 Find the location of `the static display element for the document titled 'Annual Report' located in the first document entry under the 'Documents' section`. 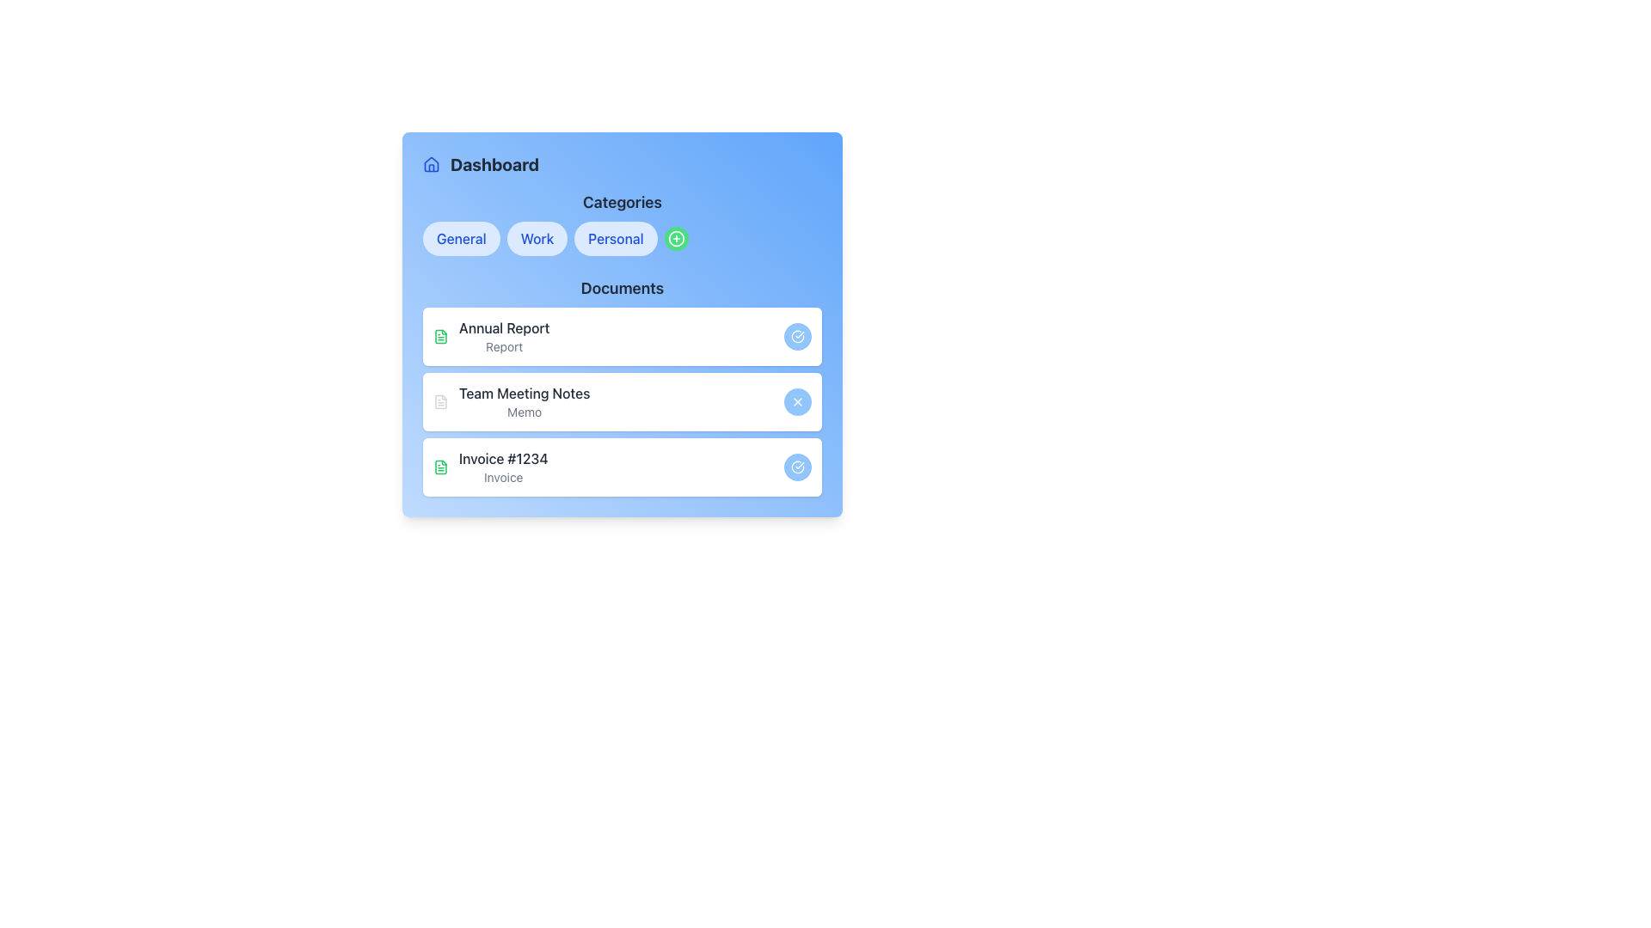

the static display element for the document titled 'Annual Report' located in the first document entry under the 'Documents' section is located at coordinates (490, 337).